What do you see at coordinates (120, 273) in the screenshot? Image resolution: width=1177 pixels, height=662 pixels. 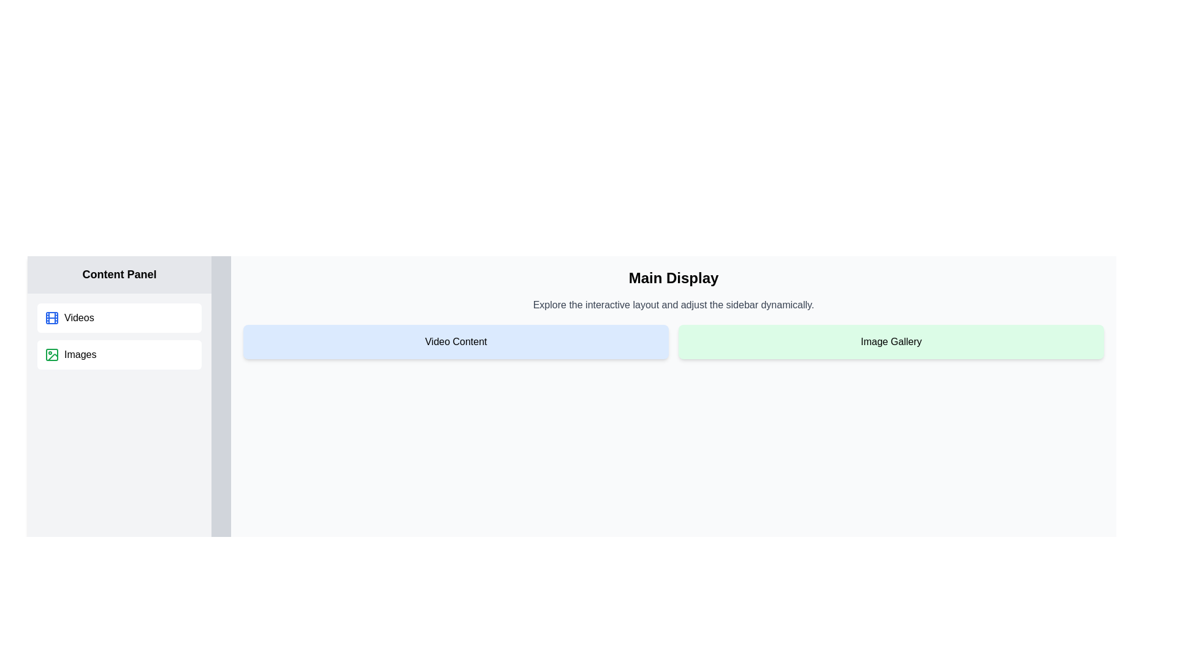 I see `the 'Content Panel' header, which is a bold, large text section located at the top-left corner of the vertical sidebar` at bounding box center [120, 273].